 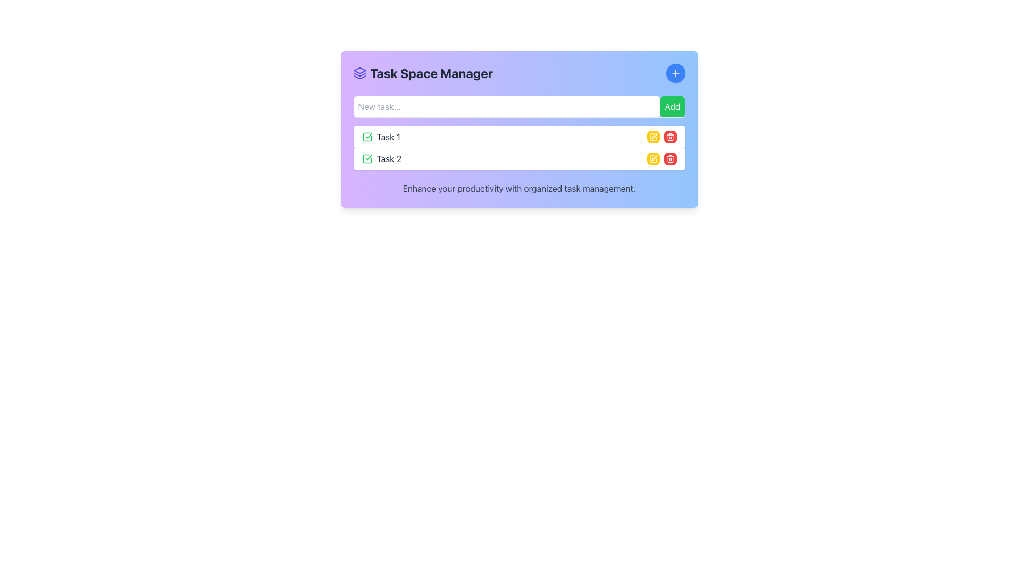 I want to click on the green checkbox icon with a check mark located on the left side of the second item labeled 'Task 2', so click(x=367, y=159).